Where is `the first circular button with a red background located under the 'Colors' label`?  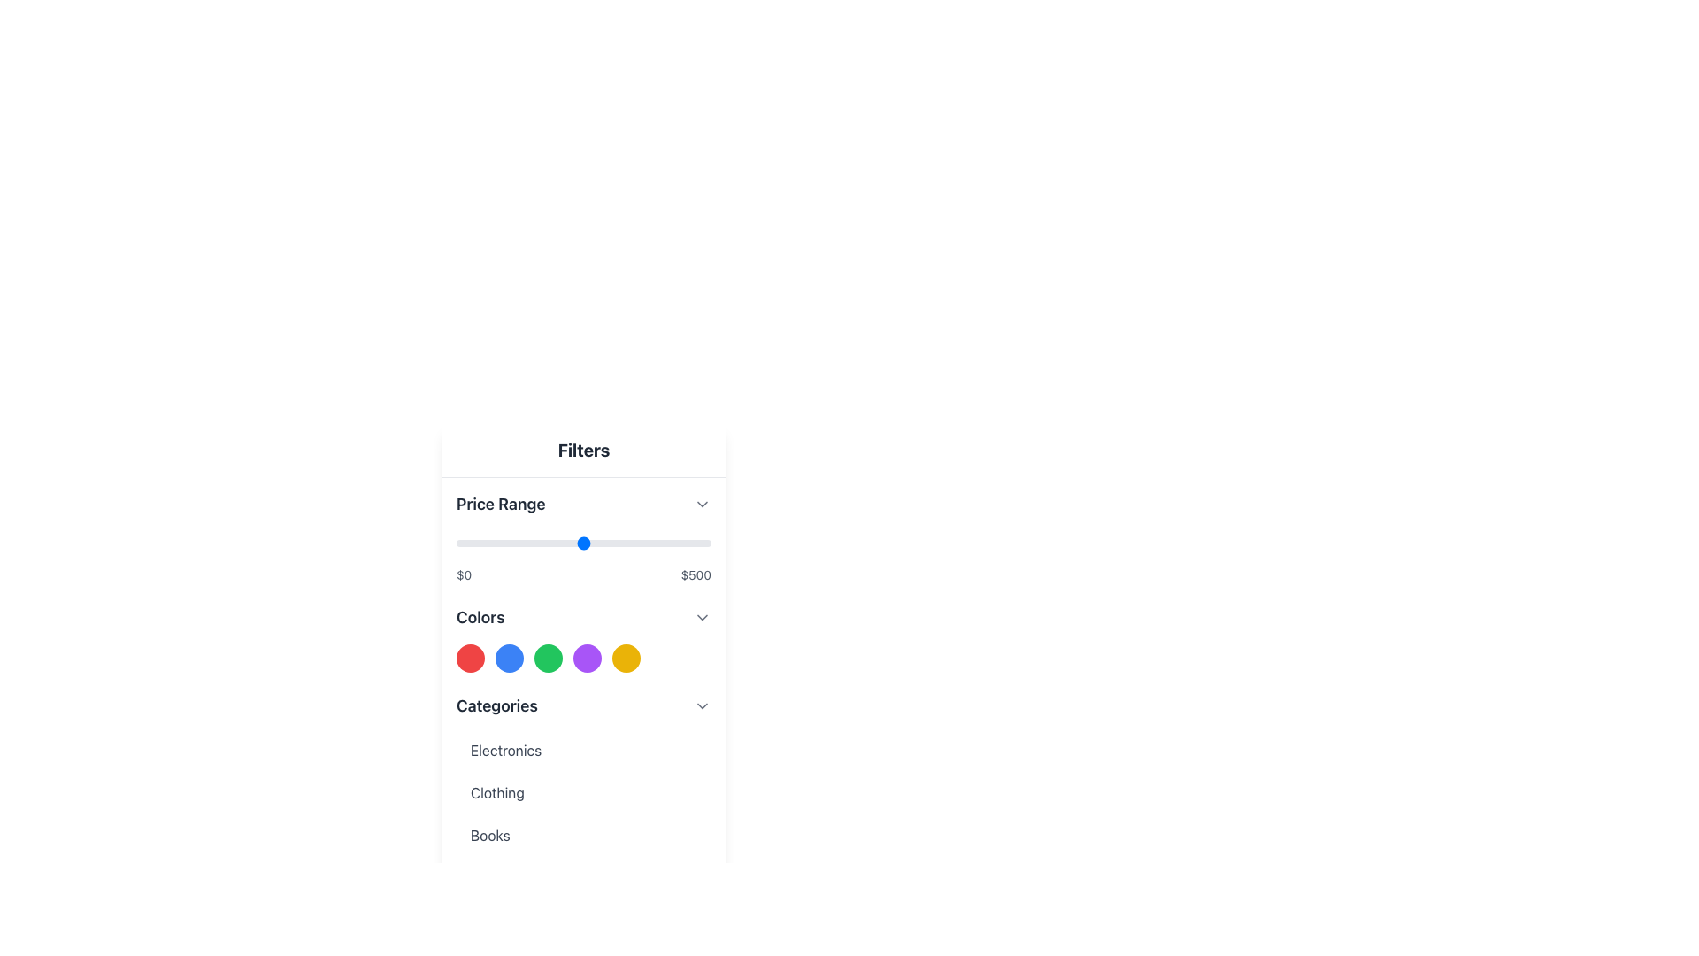 the first circular button with a red background located under the 'Colors' label is located at coordinates (471, 659).